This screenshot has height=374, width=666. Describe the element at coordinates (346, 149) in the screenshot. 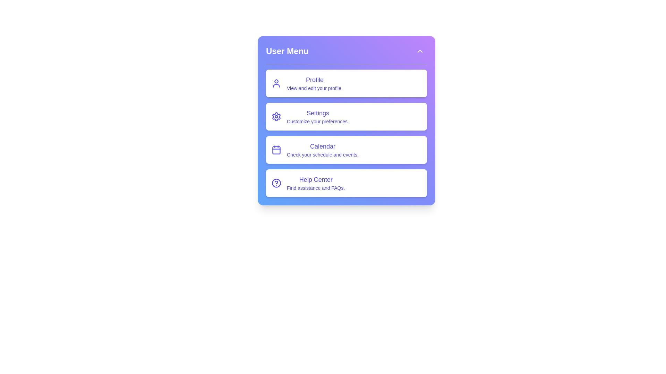

I see `the menu option Calendar to navigate or interact with its functionality` at that location.